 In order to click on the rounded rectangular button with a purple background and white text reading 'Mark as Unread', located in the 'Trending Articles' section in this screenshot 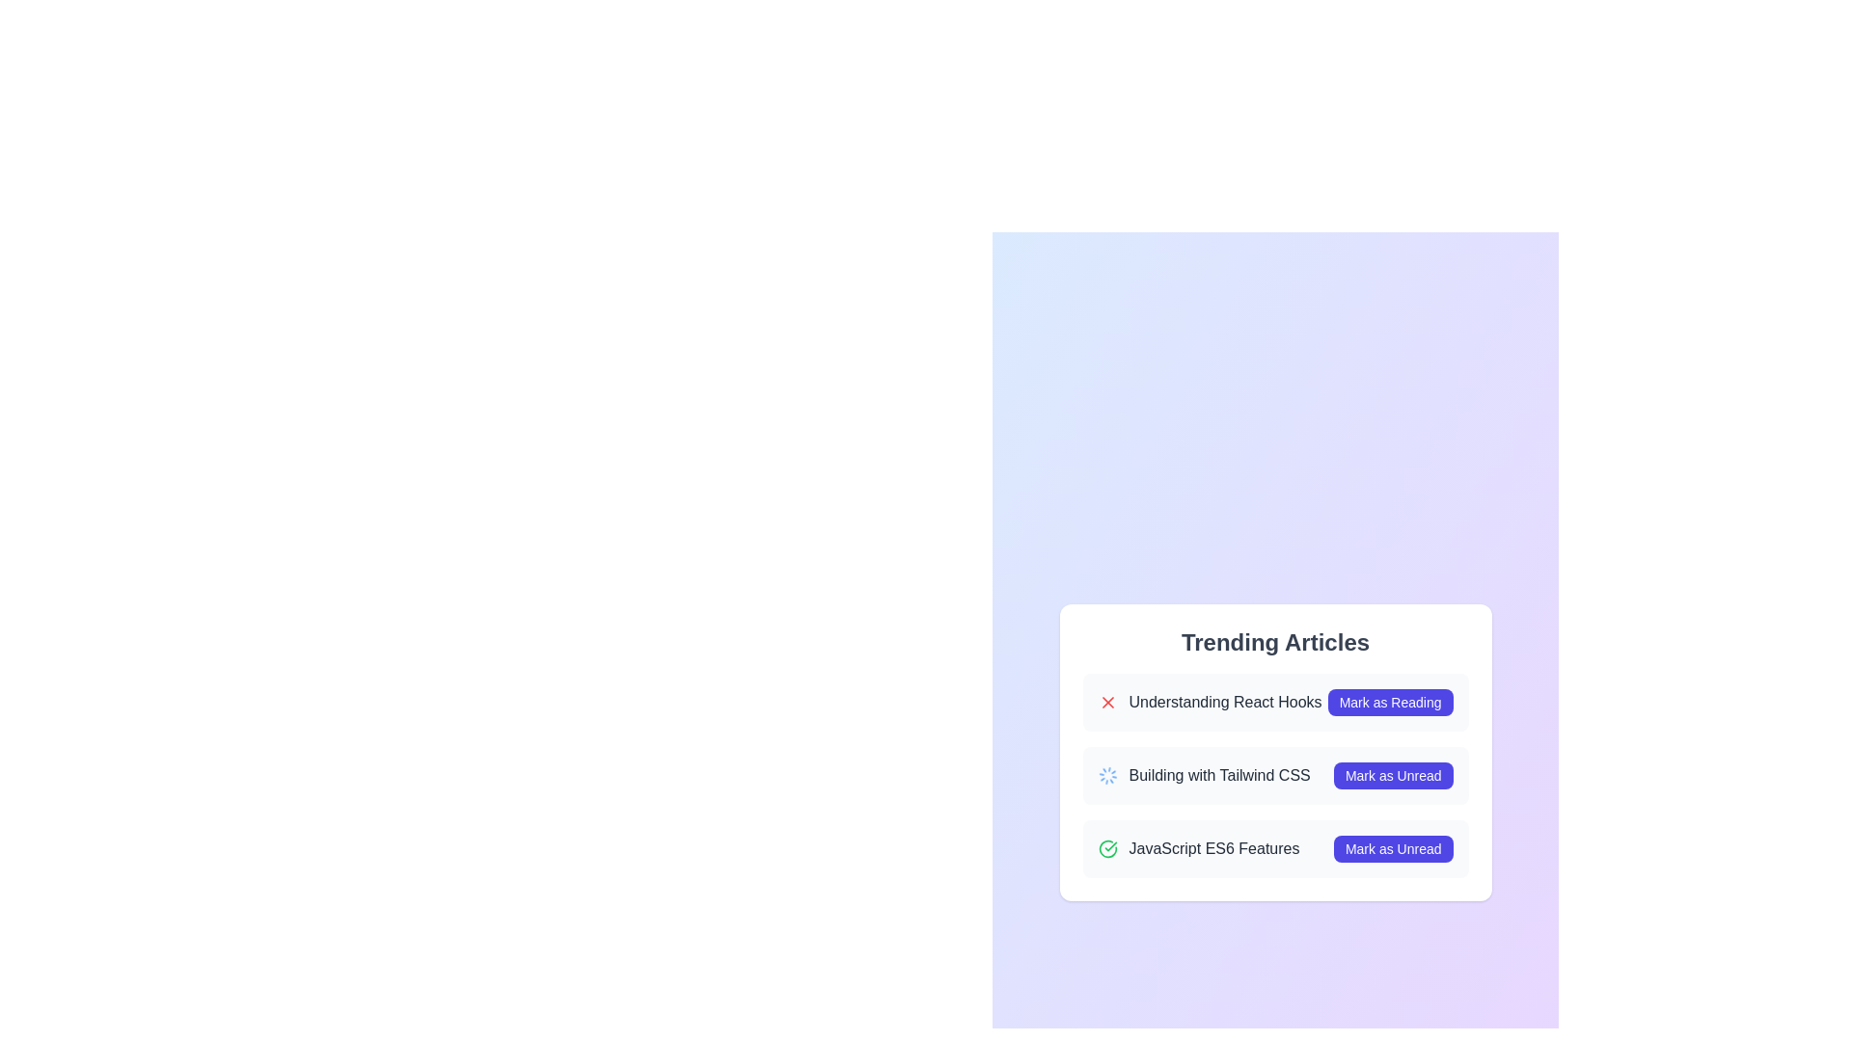, I will do `click(1393, 847)`.